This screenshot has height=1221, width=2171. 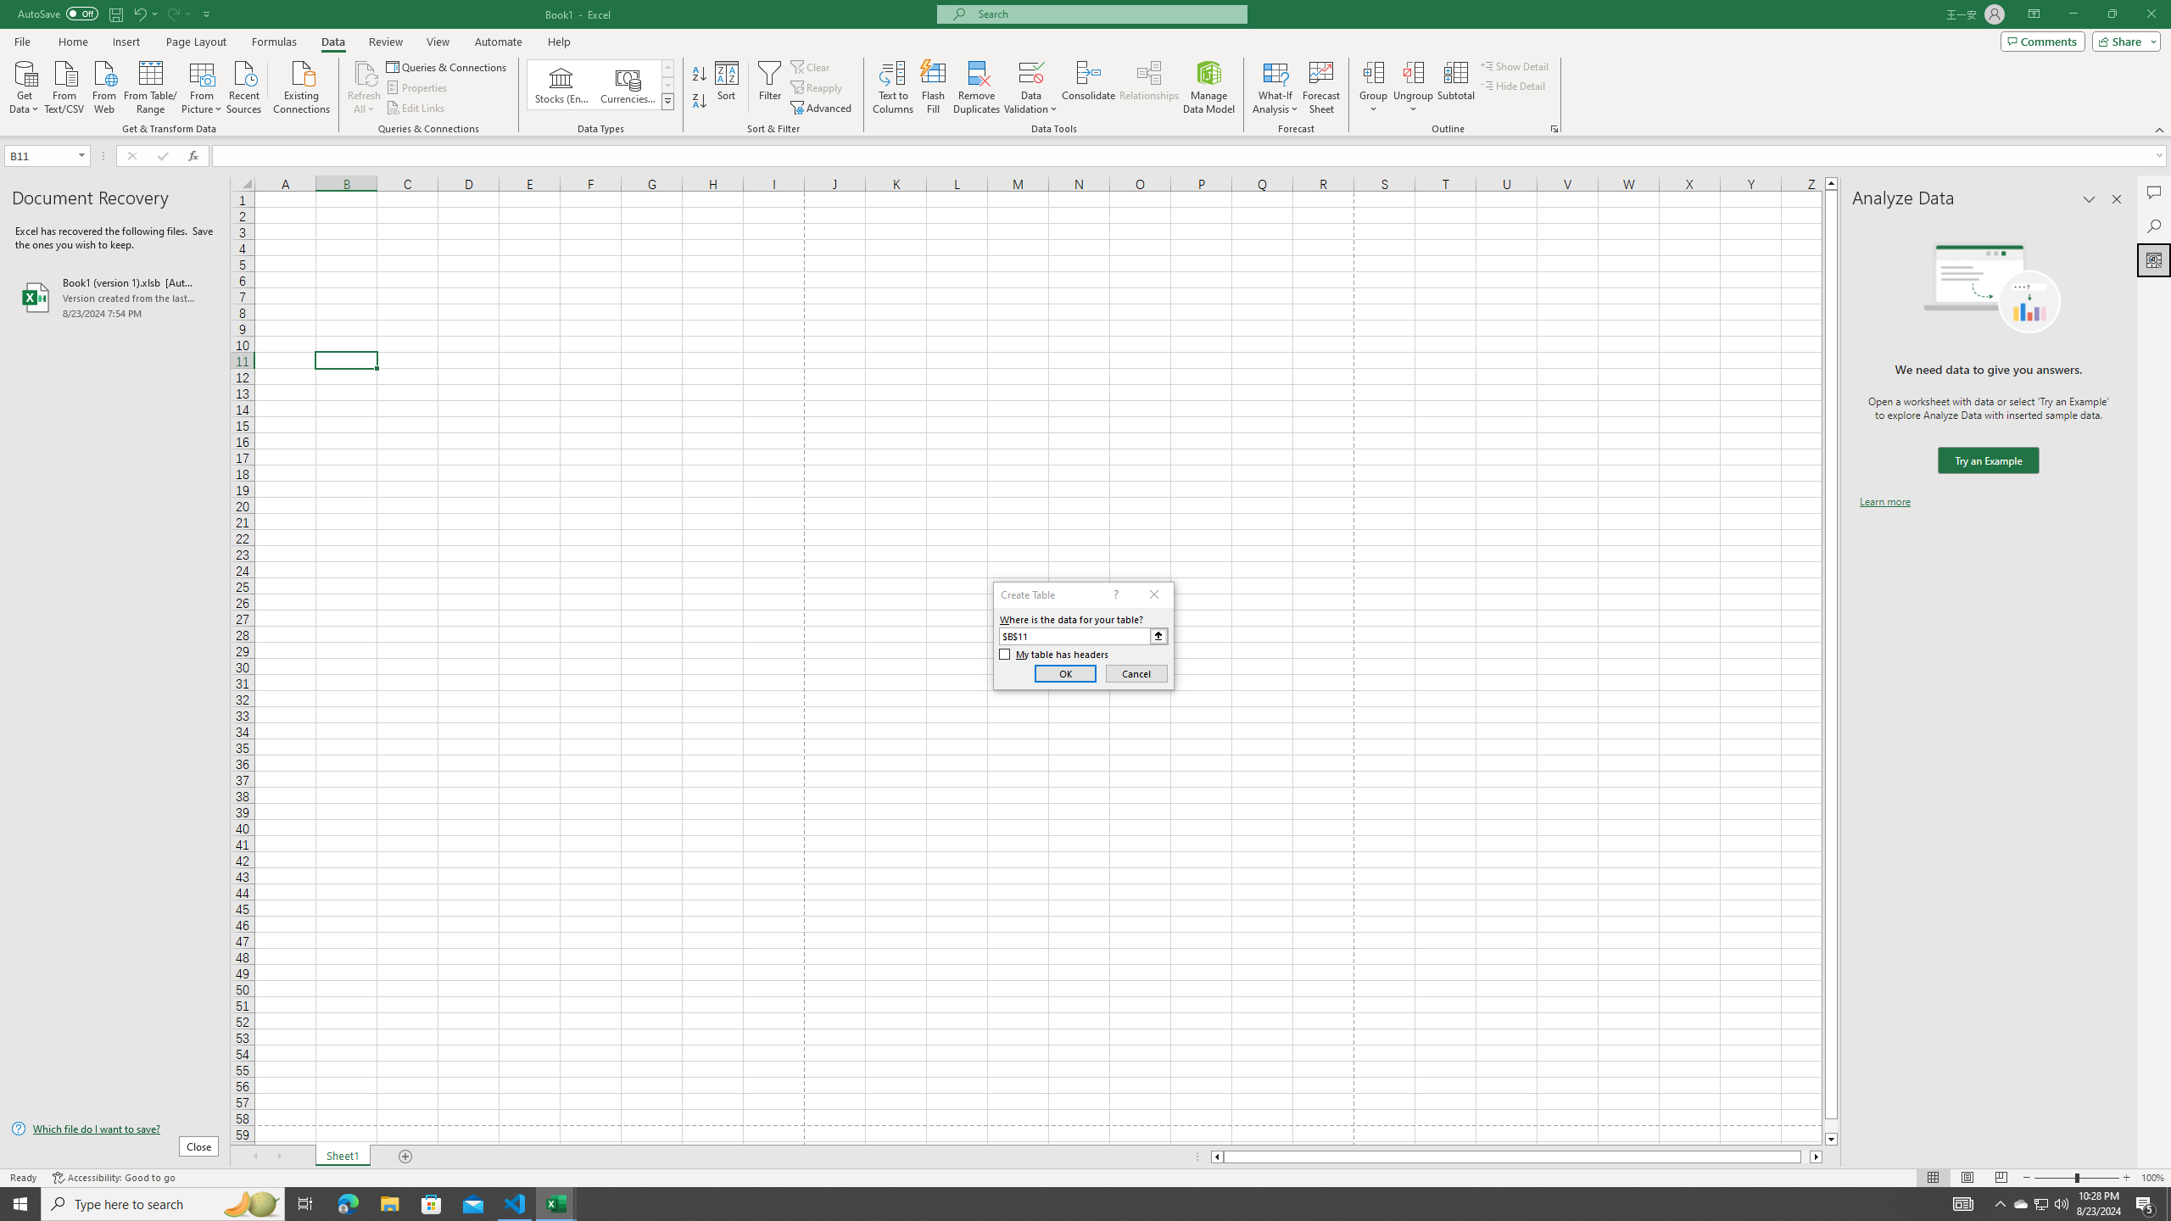 What do you see at coordinates (1514, 65) in the screenshot?
I see `'Show Detail'` at bounding box center [1514, 65].